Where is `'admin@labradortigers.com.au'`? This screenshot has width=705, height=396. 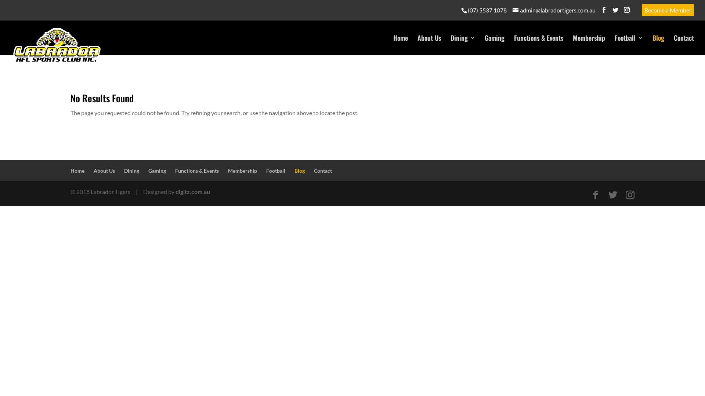
'admin@labradortigers.com.au' is located at coordinates (554, 10).